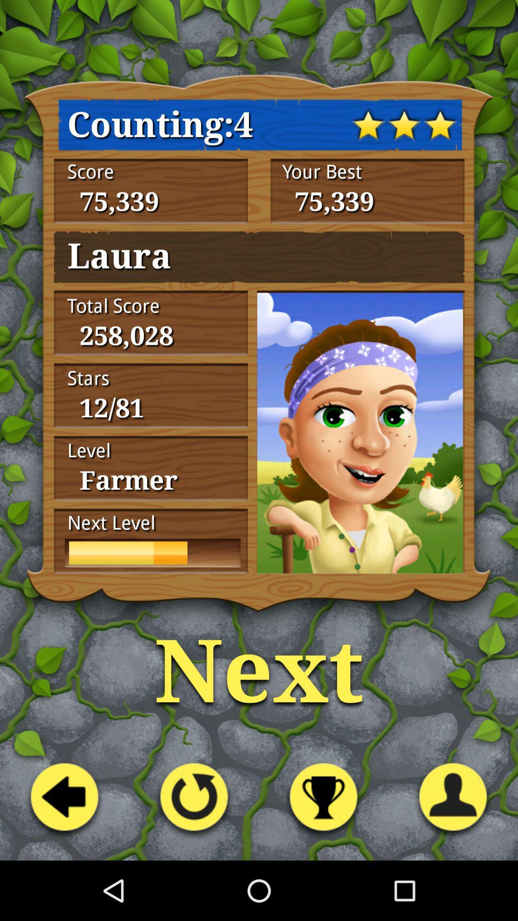  What do you see at coordinates (194, 801) in the screenshot?
I see `the second button from the left at the bottom of the page` at bounding box center [194, 801].